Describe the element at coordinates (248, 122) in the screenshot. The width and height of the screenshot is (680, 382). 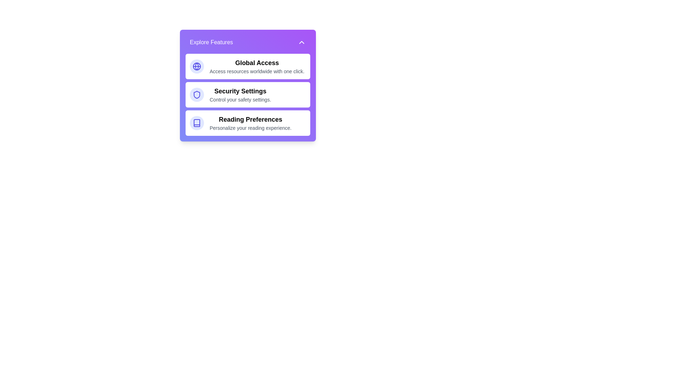
I see `the third Card UI element in the vertical list that allows users to personalize their reading preferences` at that location.